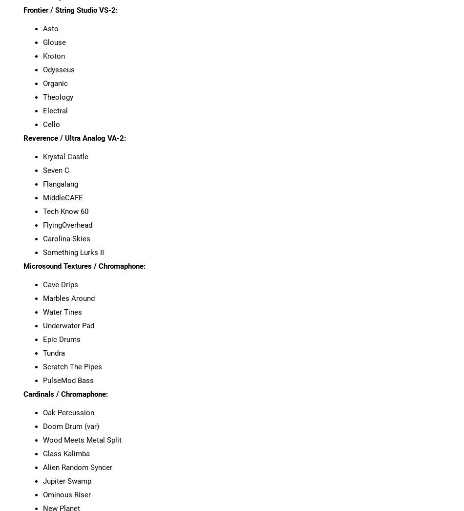 The width and height of the screenshot is (464, 511). What do you see at coordinates (66, 480) in the screenshot?
I see `'Jupiter Swamp'` at bounding box center [66, 480].